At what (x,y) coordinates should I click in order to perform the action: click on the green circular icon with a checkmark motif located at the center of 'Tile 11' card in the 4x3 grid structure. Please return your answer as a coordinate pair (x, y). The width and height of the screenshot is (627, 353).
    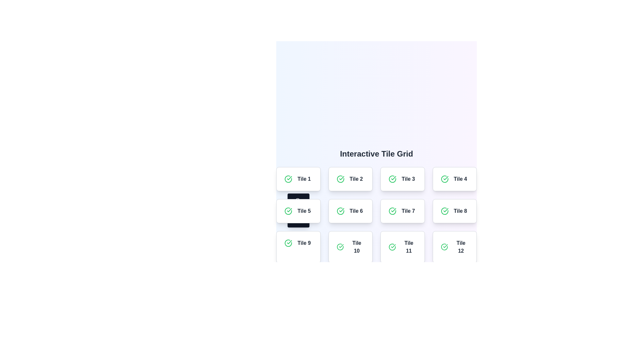
    Looking at the image, I should click on (392, 247).